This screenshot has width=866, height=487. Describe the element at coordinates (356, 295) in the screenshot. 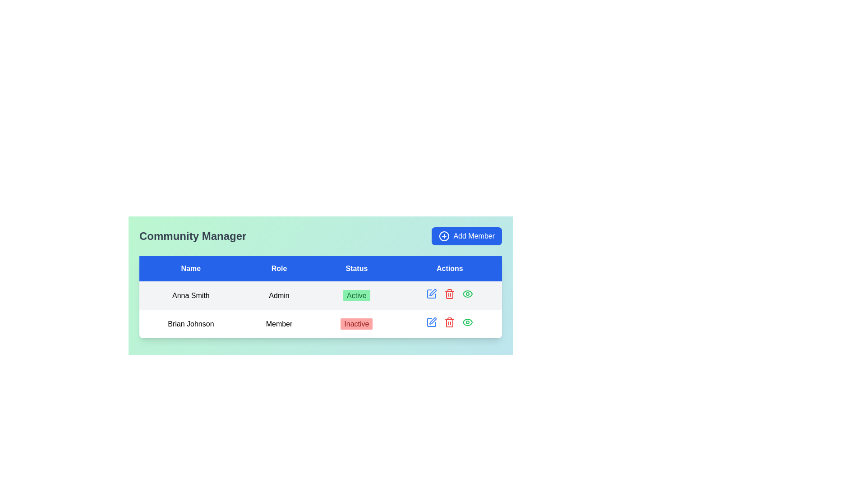

I see `status text from the Status Indicator Badge located in the 'Status' column for the user 'Anna Smith'` at that location.